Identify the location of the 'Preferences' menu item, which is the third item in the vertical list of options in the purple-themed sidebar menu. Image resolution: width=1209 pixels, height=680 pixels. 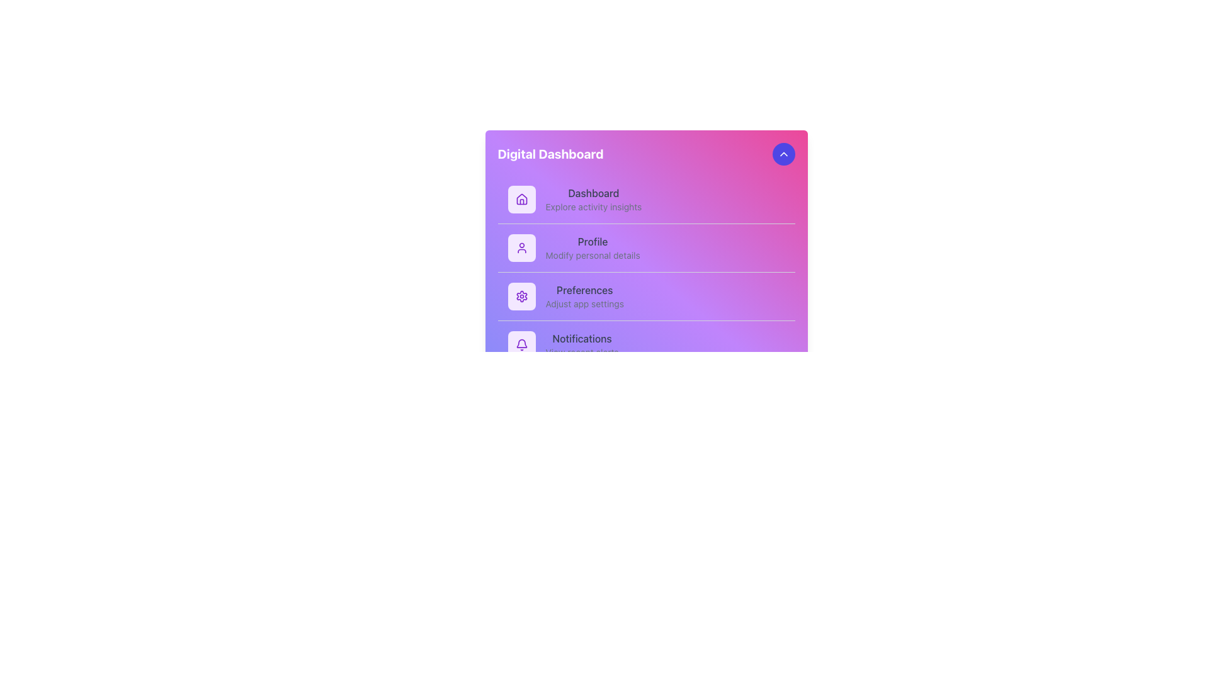
(646, 296).